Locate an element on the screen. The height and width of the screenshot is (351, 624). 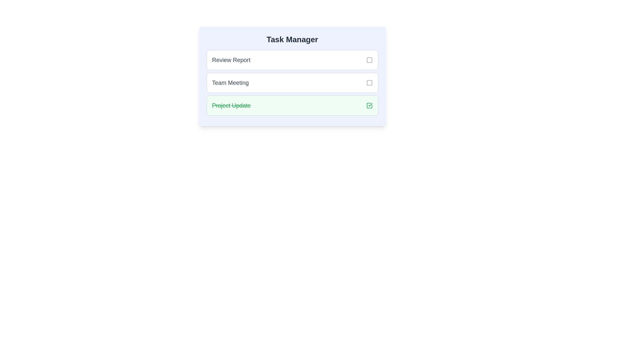
the small, square-shaped graphical icon with rounded corners located inside the 'Review Report' section of the Task Manager interface is located at coordinates (369, 60).